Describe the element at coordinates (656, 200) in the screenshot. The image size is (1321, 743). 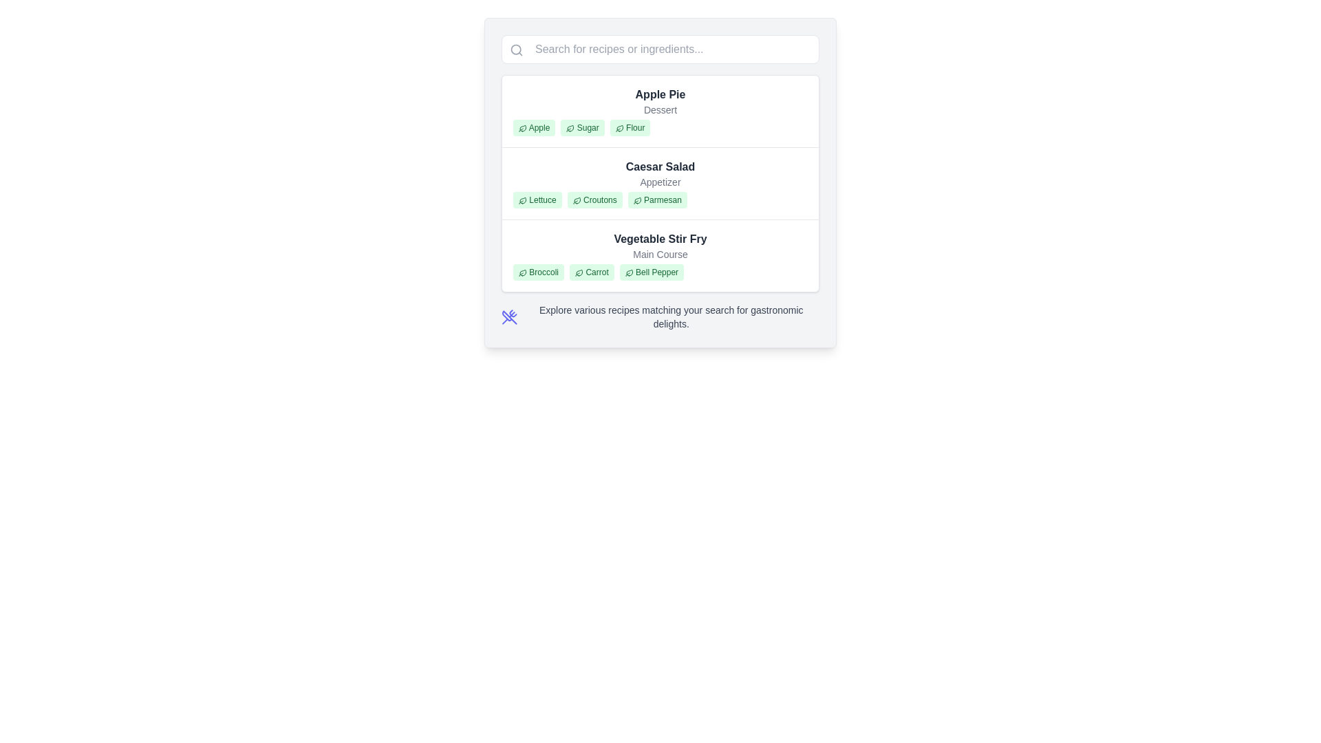
I see `the label styled with a green background and rounded corners that contains the text 'Parmesan', which is positioned in the middle section under the 'Caesar Salad' section` at that location.